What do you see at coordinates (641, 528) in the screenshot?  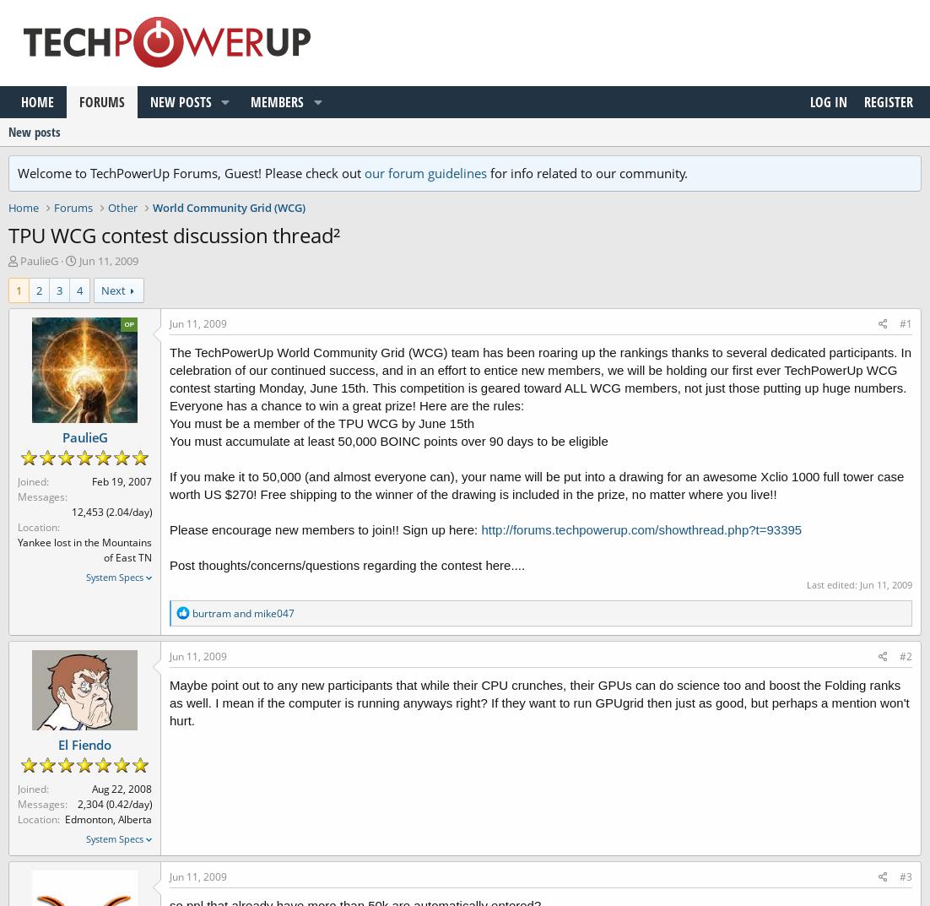 I see `'http://forums.techpowerup.com/showthread.php?t=93395'` at bounding box center [641, 528].